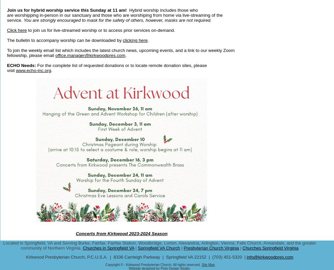 Image resolution: width=334 pixels, height=270 pixels. What do you see at coordinates (83, 248) in the screenshot?
I see `'Churches in Springfield VA'` at bounding box center [83, 248].